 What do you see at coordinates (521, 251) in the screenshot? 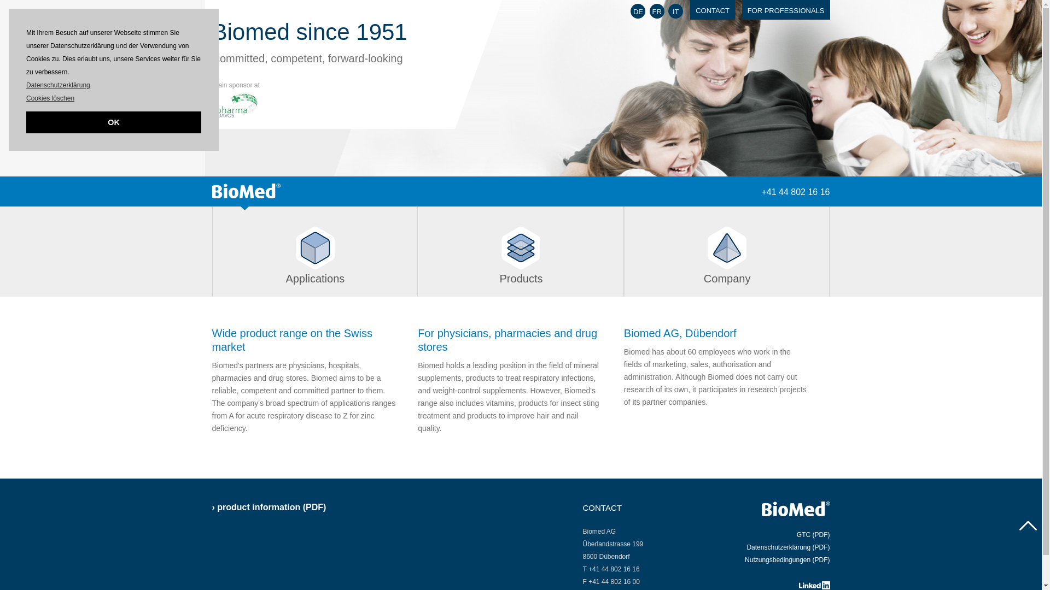
I see `'Products'` at bounding box center [521, 251].